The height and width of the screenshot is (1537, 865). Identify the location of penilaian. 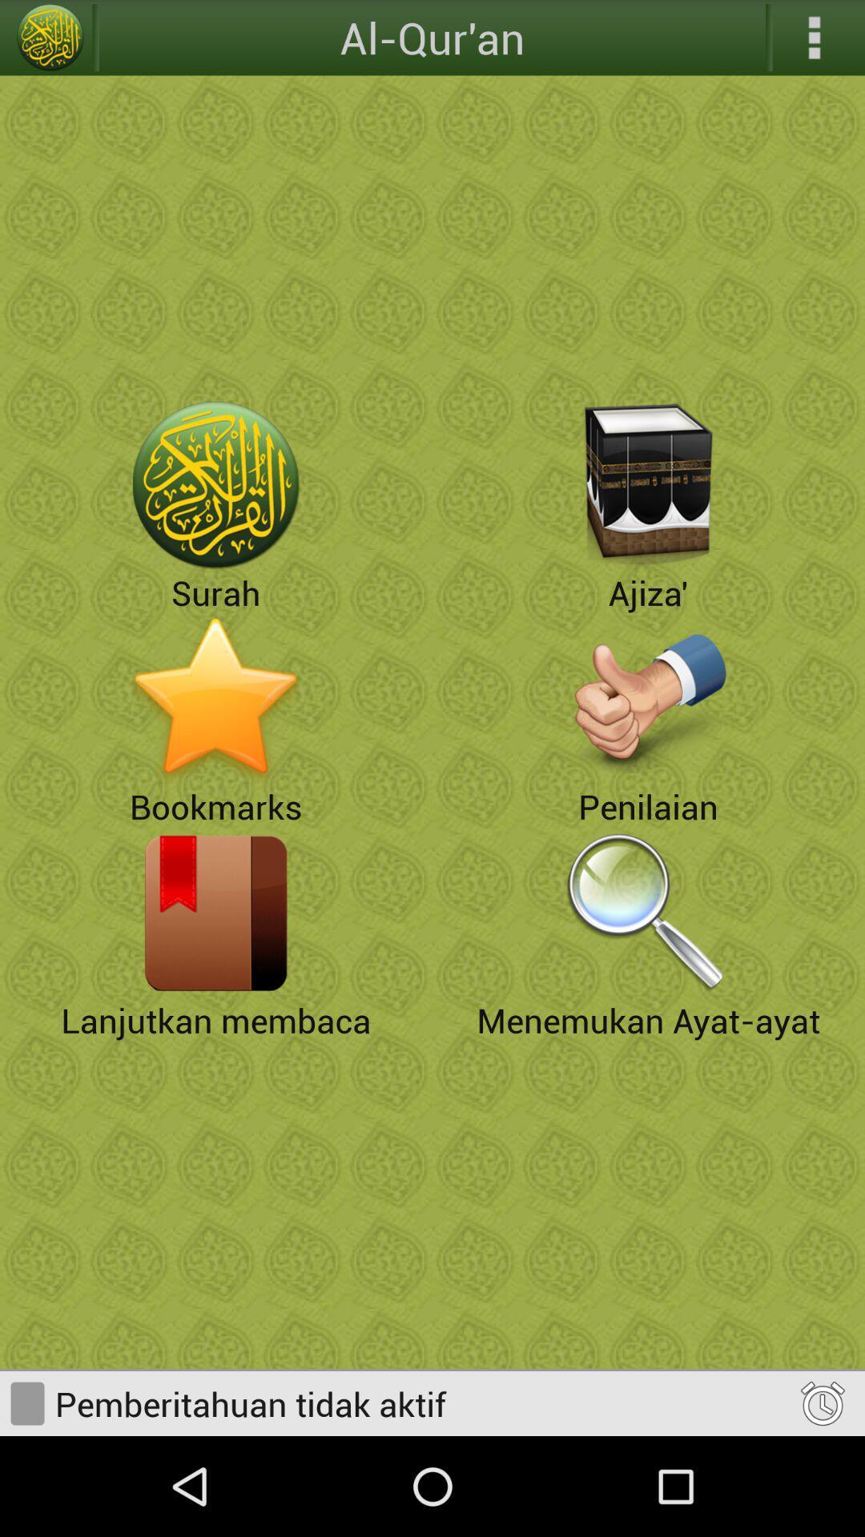
(649, 699).